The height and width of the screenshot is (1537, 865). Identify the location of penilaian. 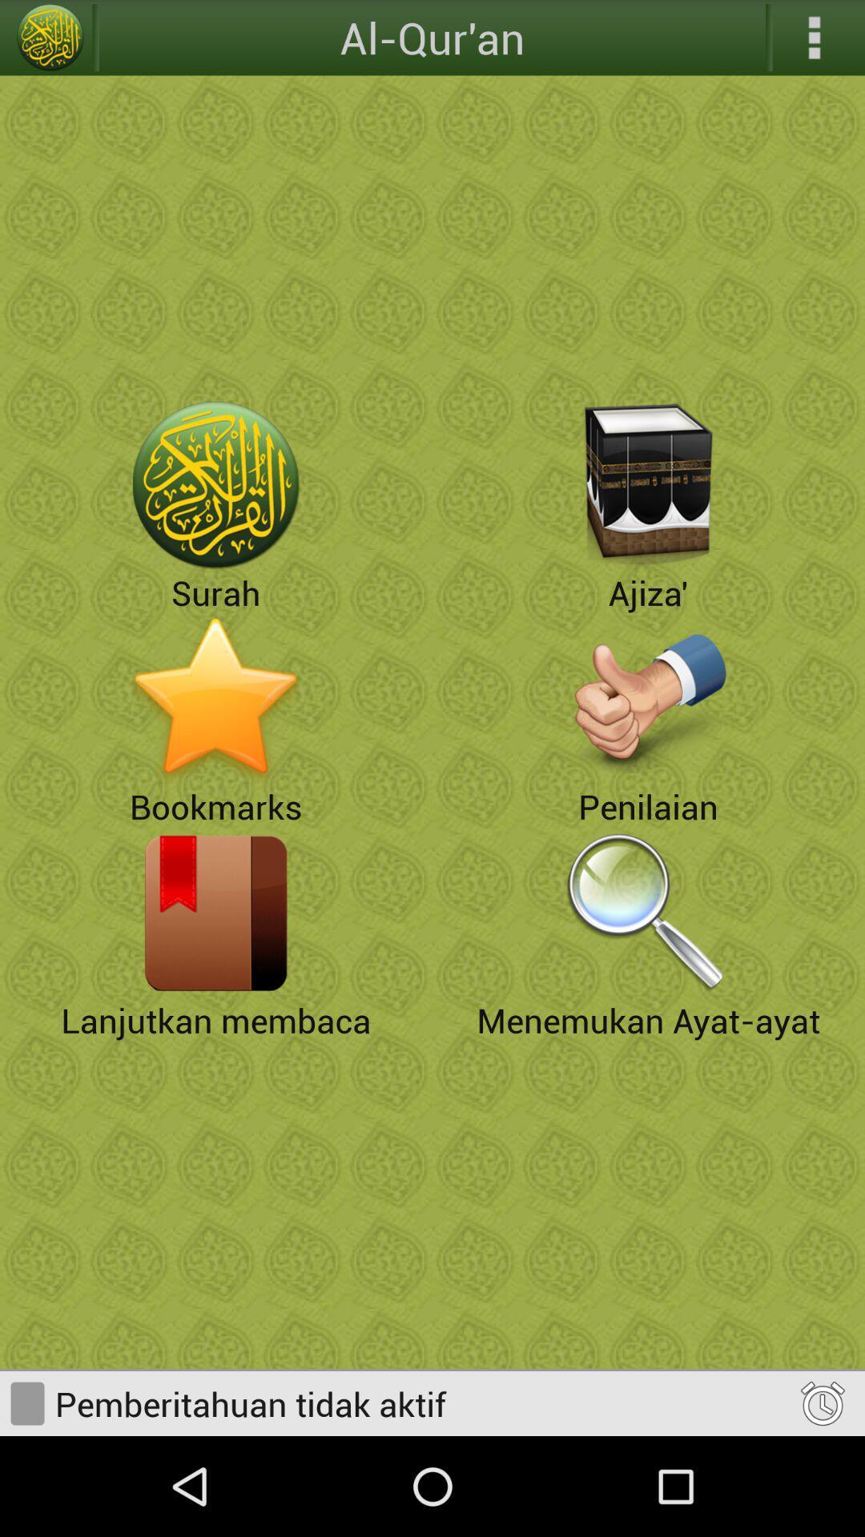
(649, 699).